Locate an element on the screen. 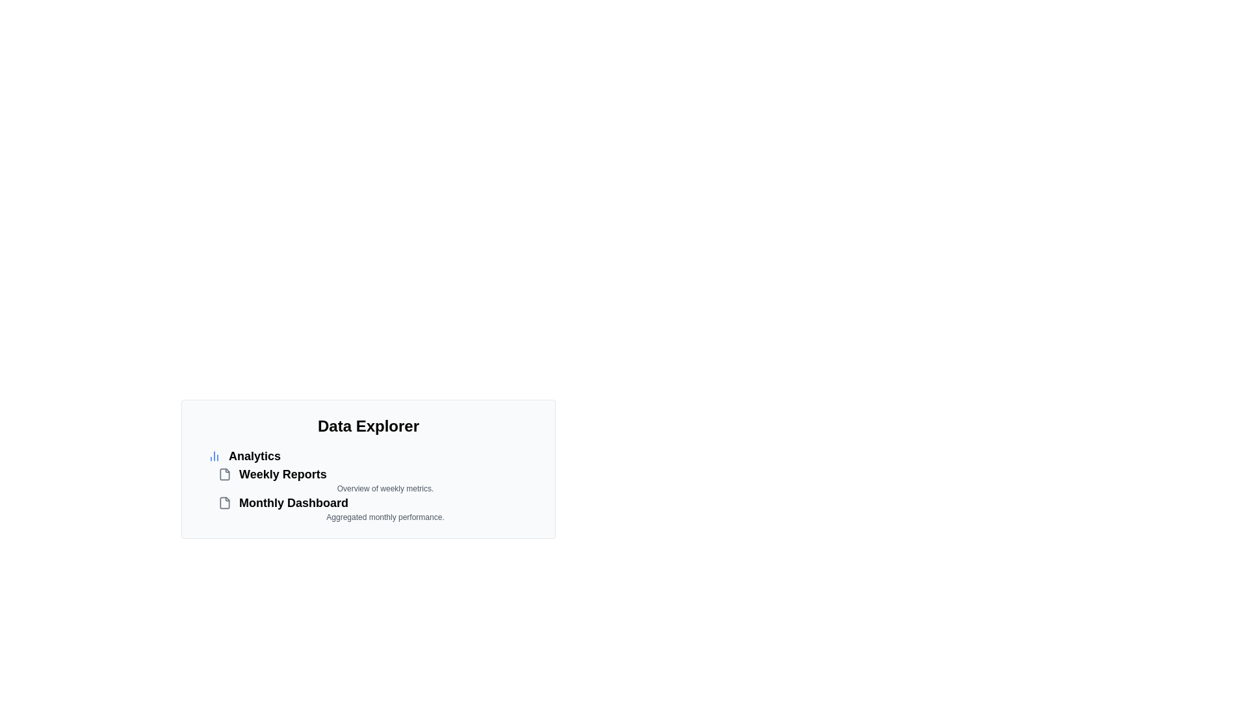 This screenshot has width=1248, height=702. the static text label reading 'Overview of weekly metrics.' located below the title 'Weekly Reports' in the Analytics menu is located at coordinates (385, 489).